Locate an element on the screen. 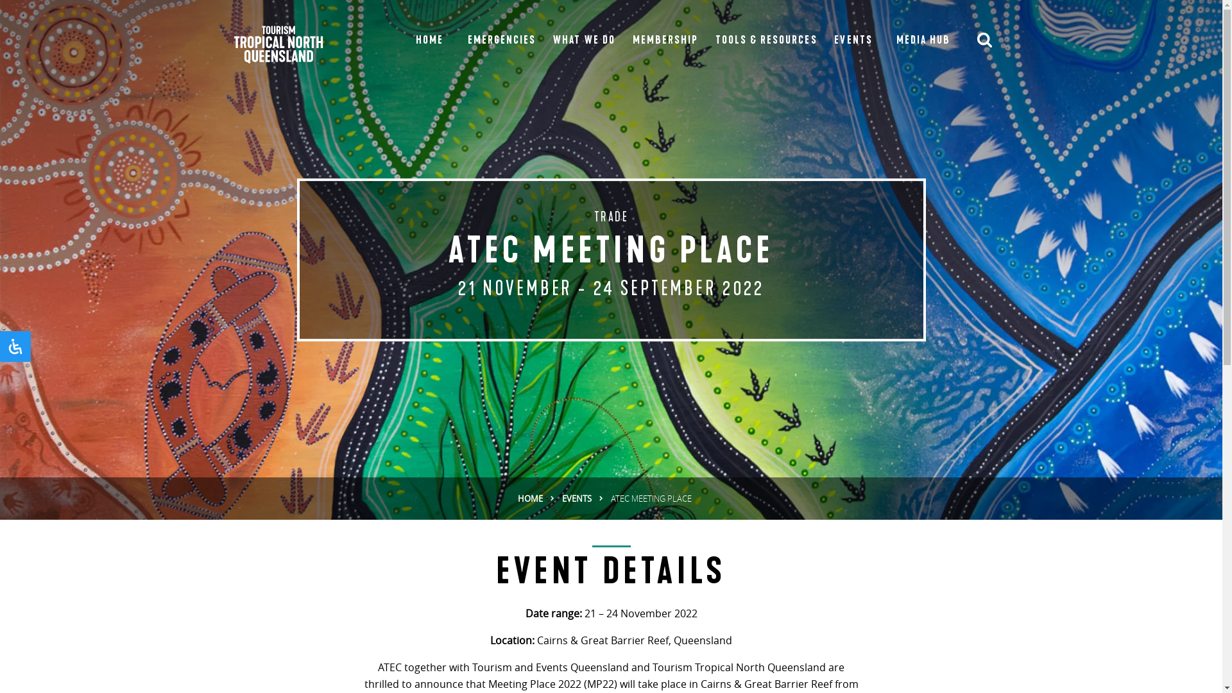 Image resolution: width=1232 pixels, height=693 pixels. 'HOME' is located at coordinates (530, 499).